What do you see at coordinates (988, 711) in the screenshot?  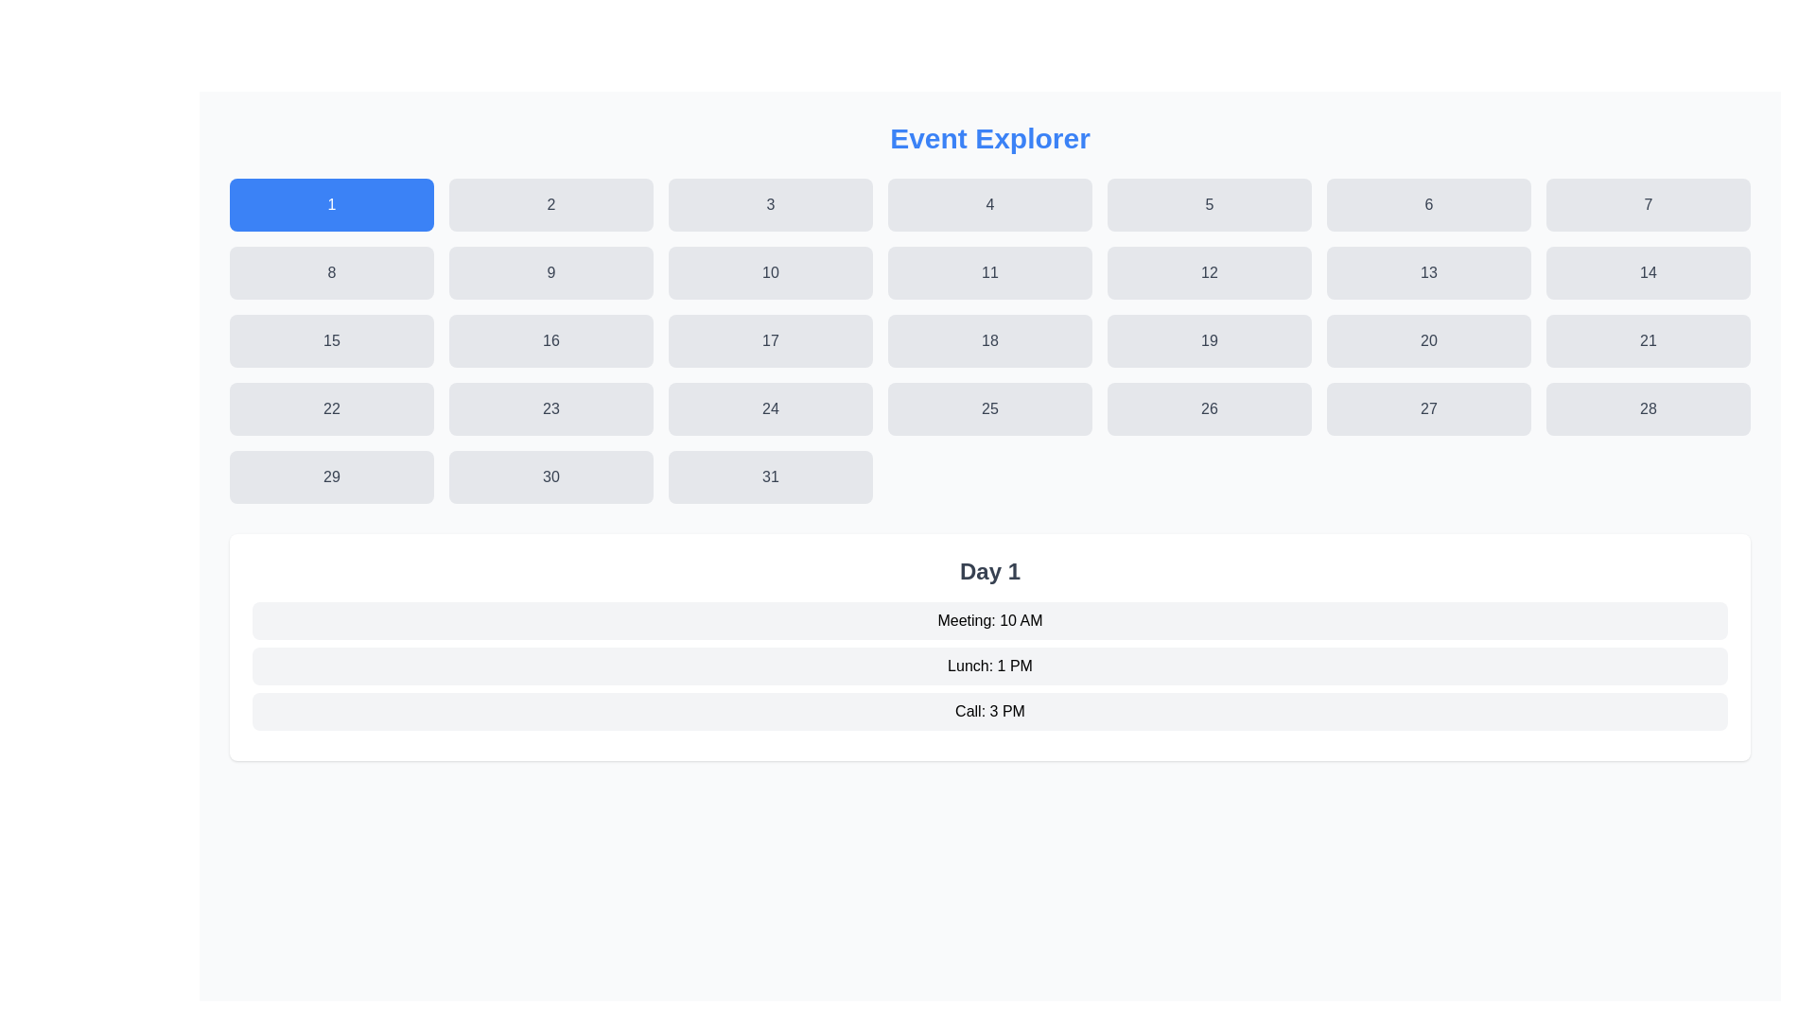 I see `the text label displaying 'Call: 3 PM', which is the third item in the list of scheduled events under 'Day 1'` at bounding box center [988, 711].